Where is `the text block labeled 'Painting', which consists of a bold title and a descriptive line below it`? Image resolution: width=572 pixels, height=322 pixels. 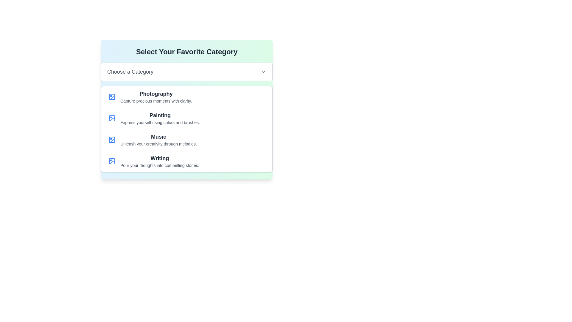
the text block labeled 'Painting', which consists of a bold title and a descriptive line below it is located at coordinates (160, 118).